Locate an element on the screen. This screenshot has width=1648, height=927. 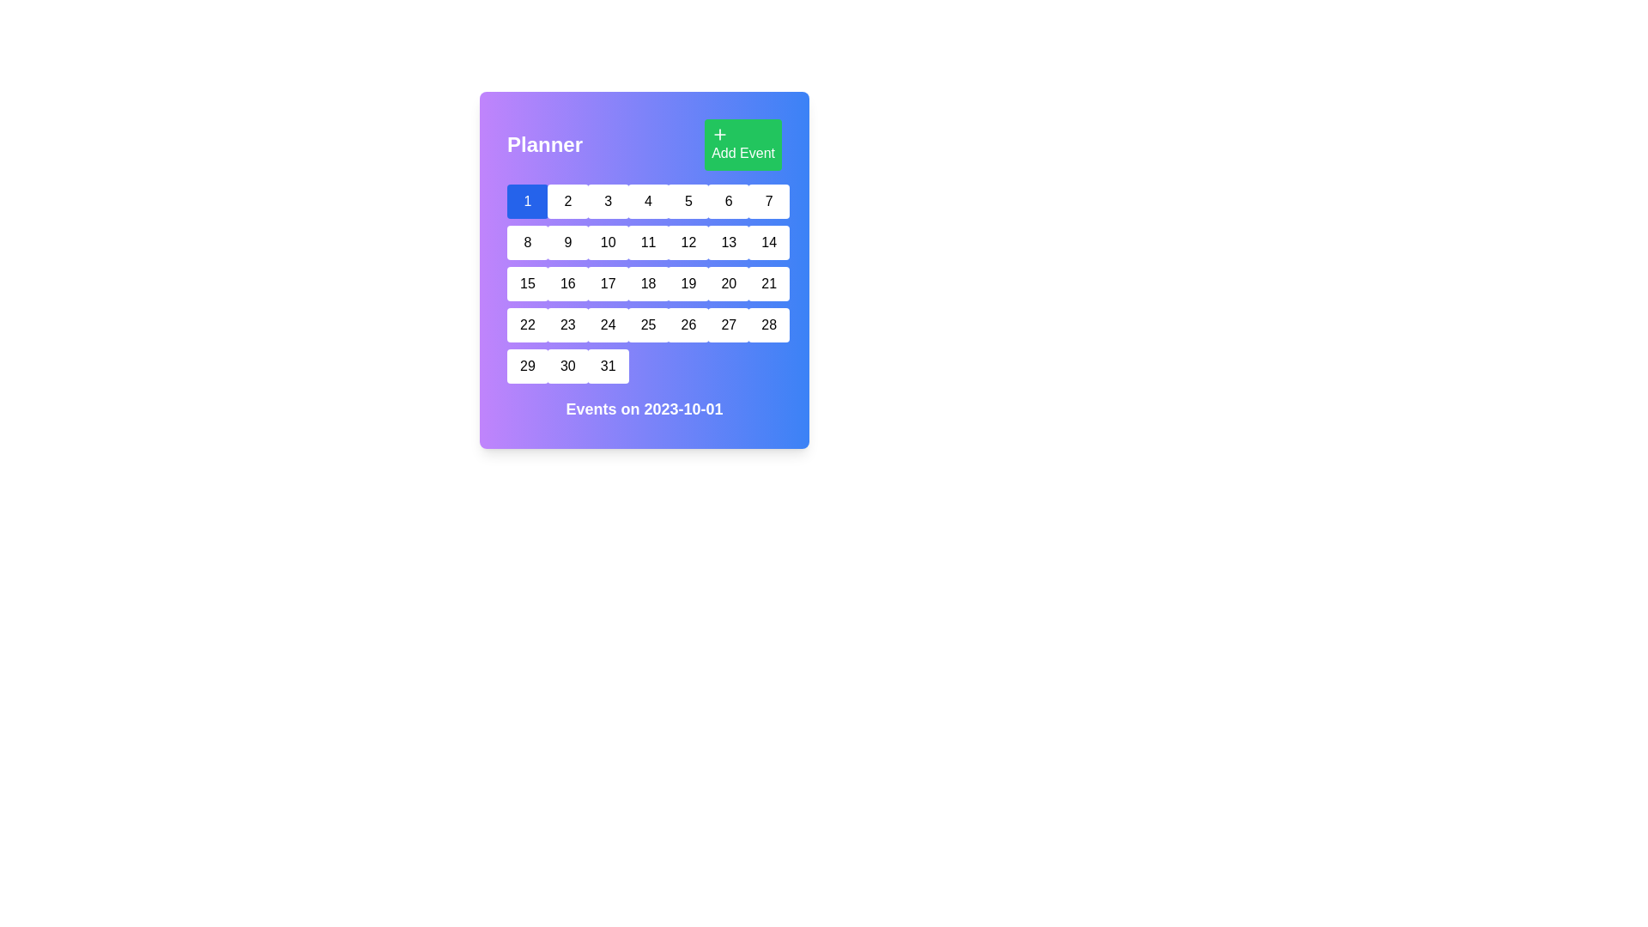
the square button labeled '20' with a white background and black text is located at coordinates (729, 283).